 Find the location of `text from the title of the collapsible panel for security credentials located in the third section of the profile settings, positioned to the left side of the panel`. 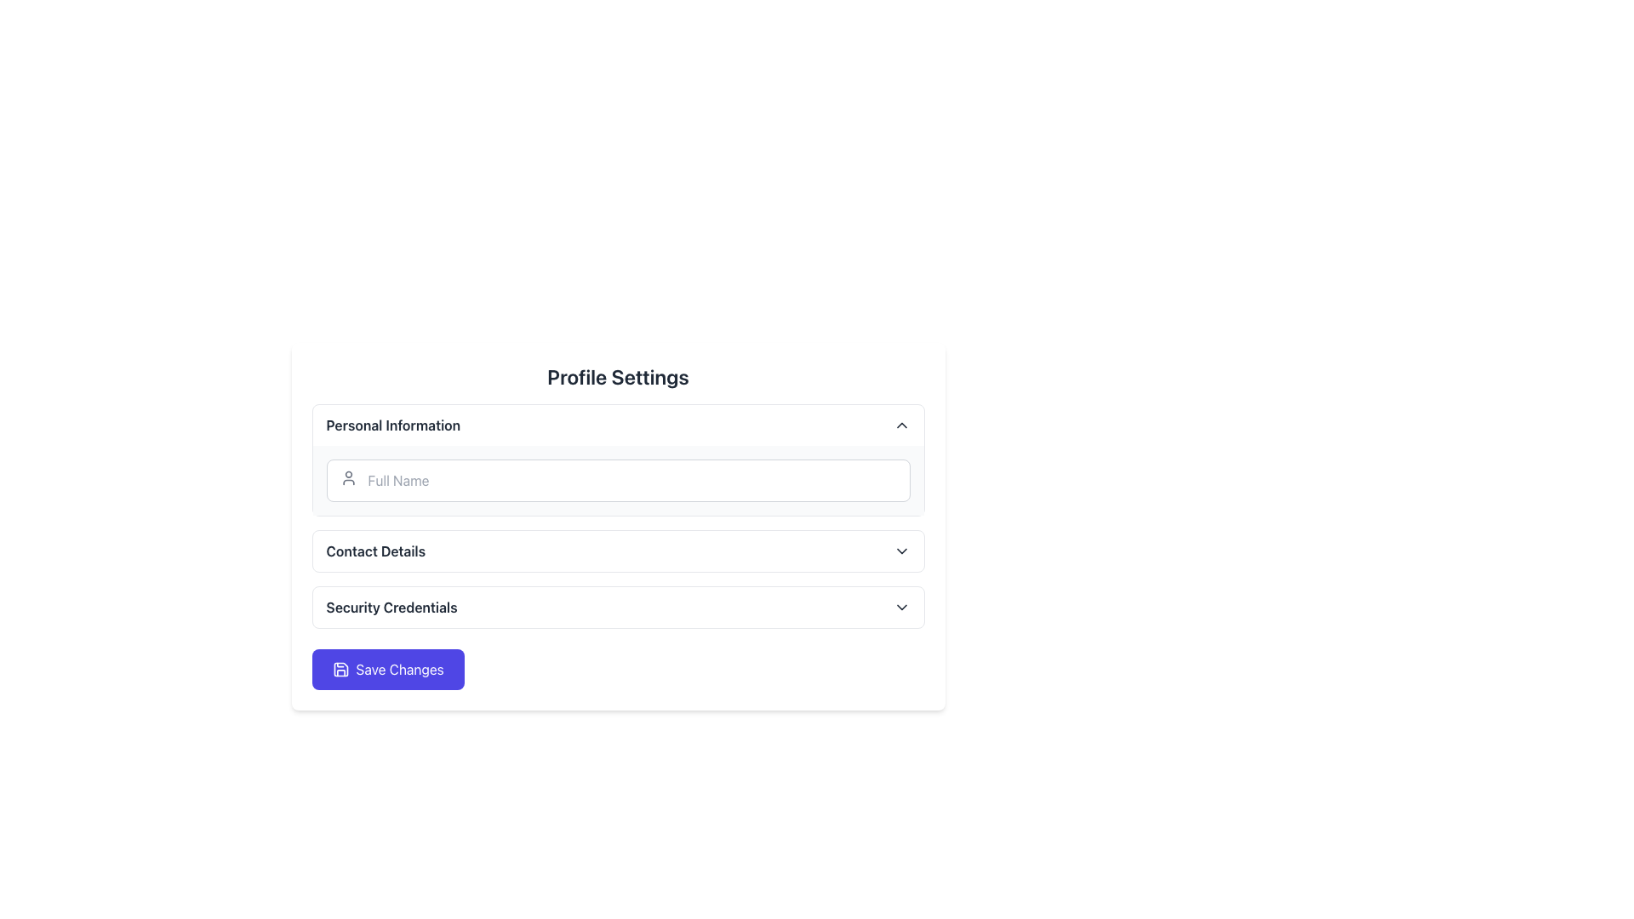

text from the title of the collapsible panel for security credentials located in the third section of the profile settings, positioned to the left side of the panel is located at coordinates (391, 606).